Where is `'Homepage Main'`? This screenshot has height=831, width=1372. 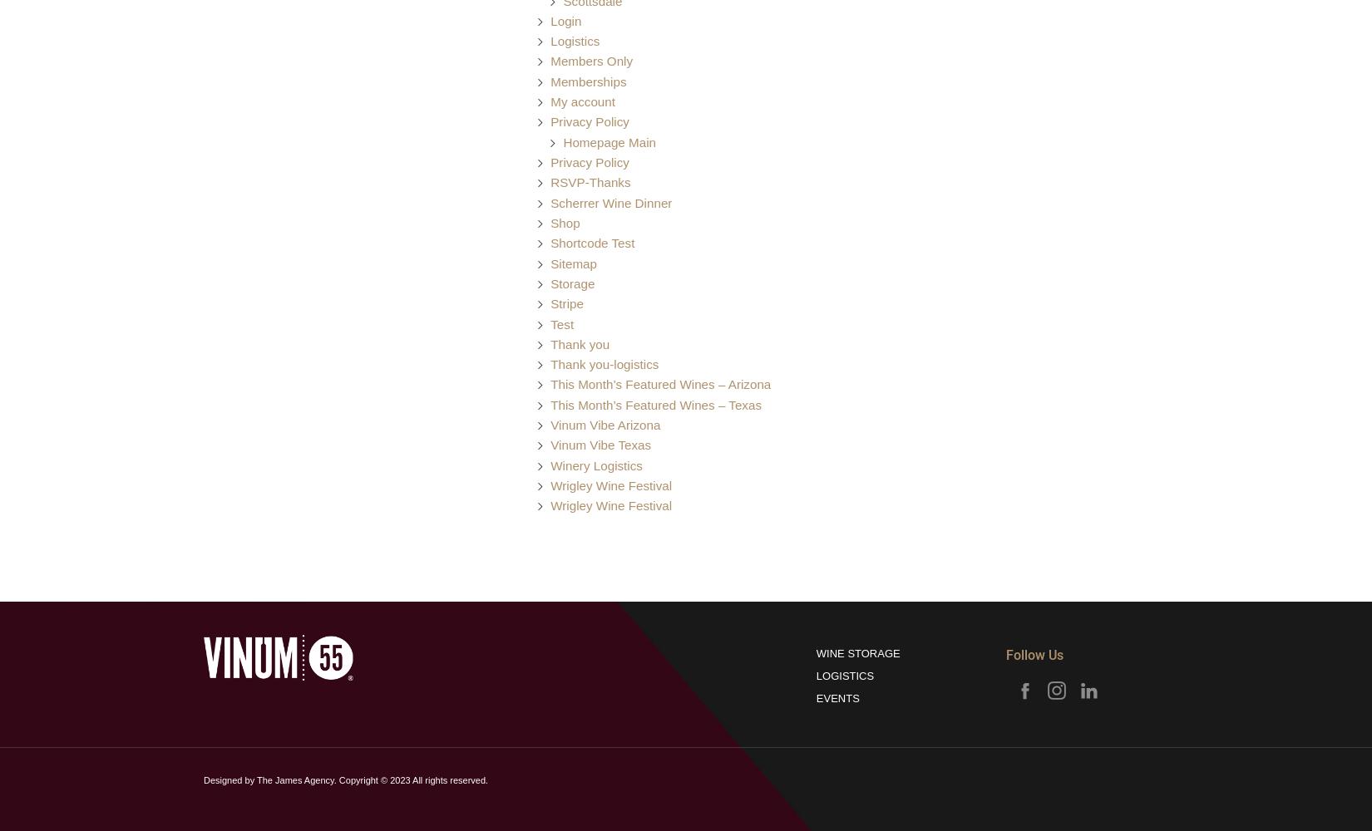
'Homepage Main' is located at coordinates (608, 141).